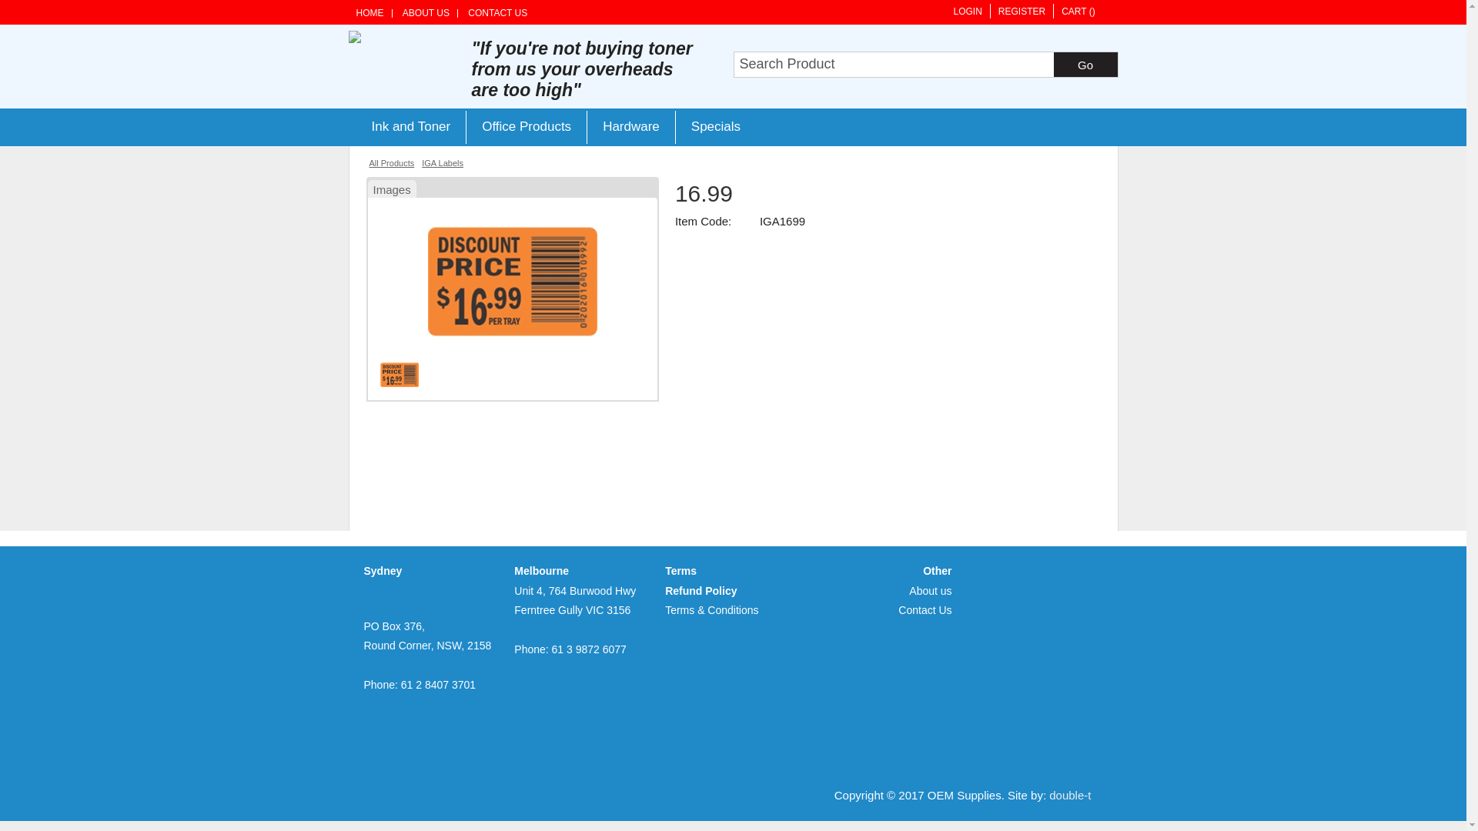  I want to click on 'About us', so click(929, 589).